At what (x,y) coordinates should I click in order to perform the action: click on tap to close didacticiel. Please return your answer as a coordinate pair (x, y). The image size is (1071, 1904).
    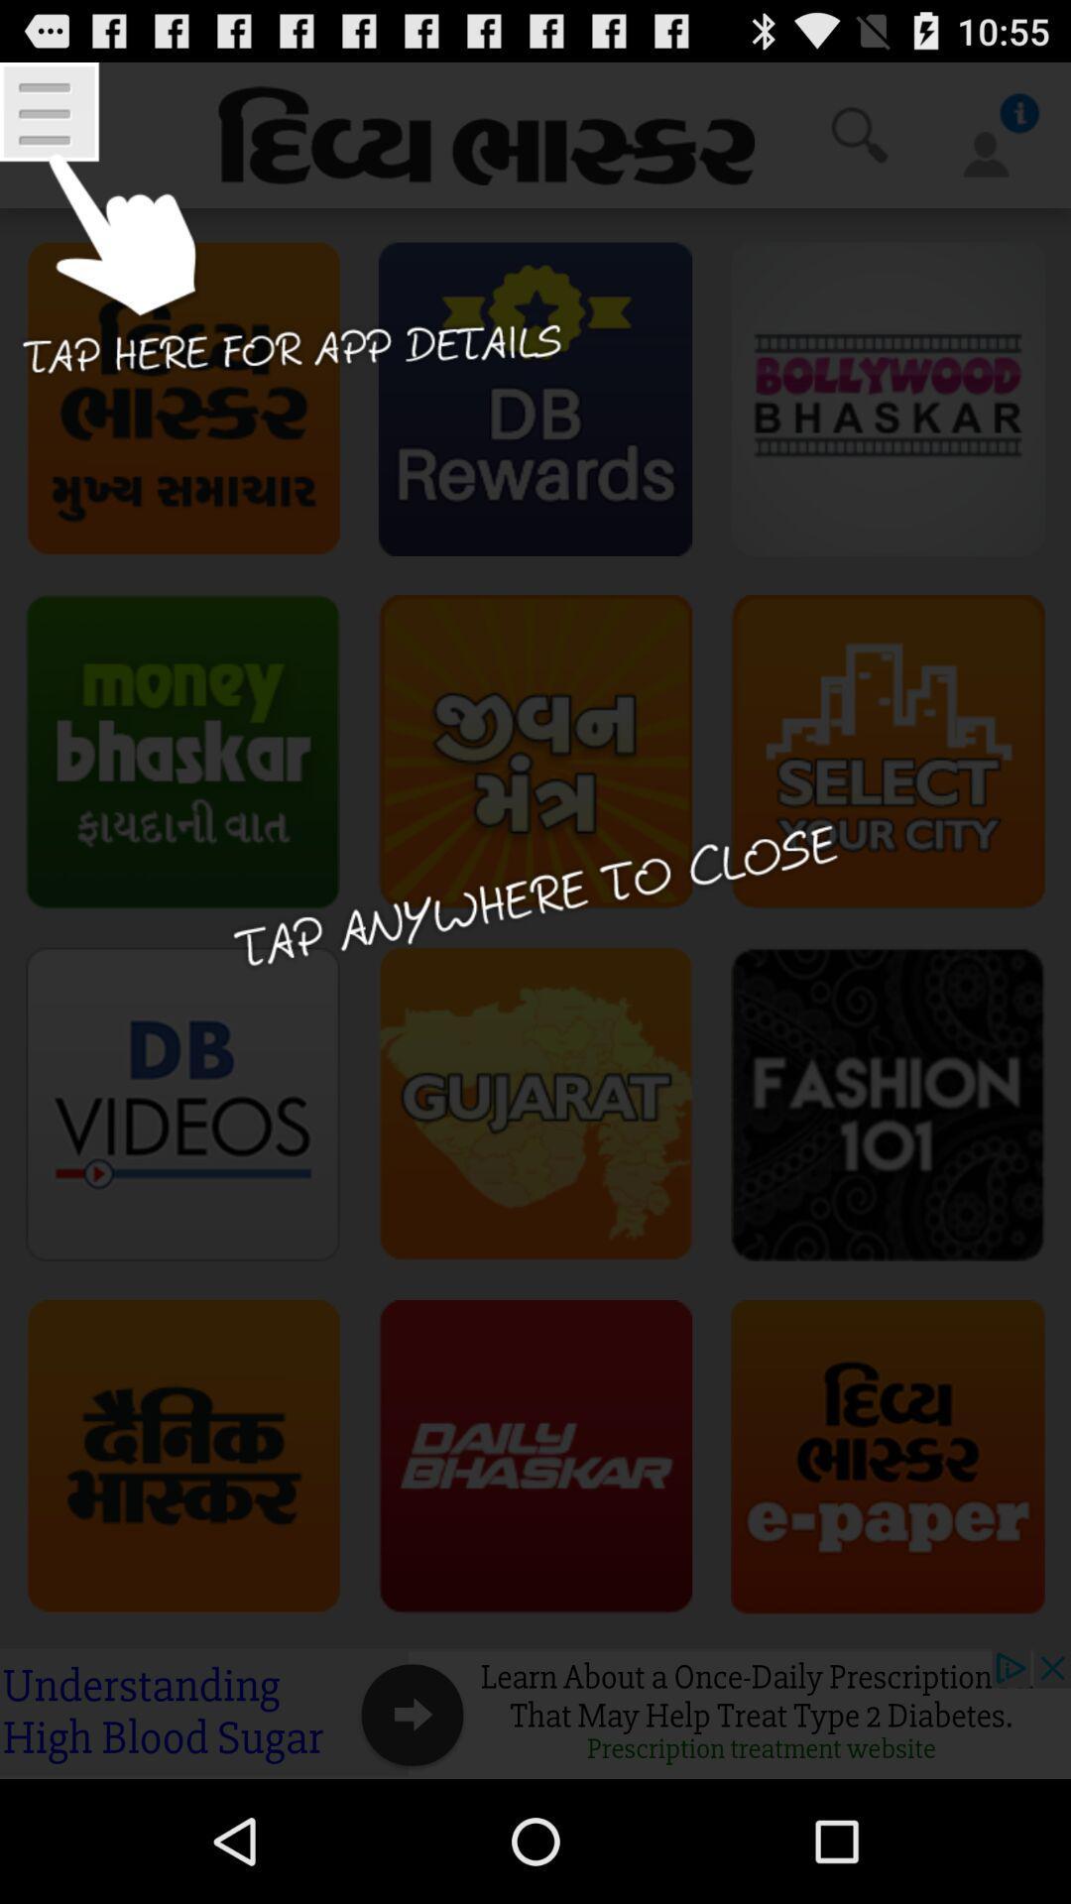
    Looking at the image, I should click on (535, 919).